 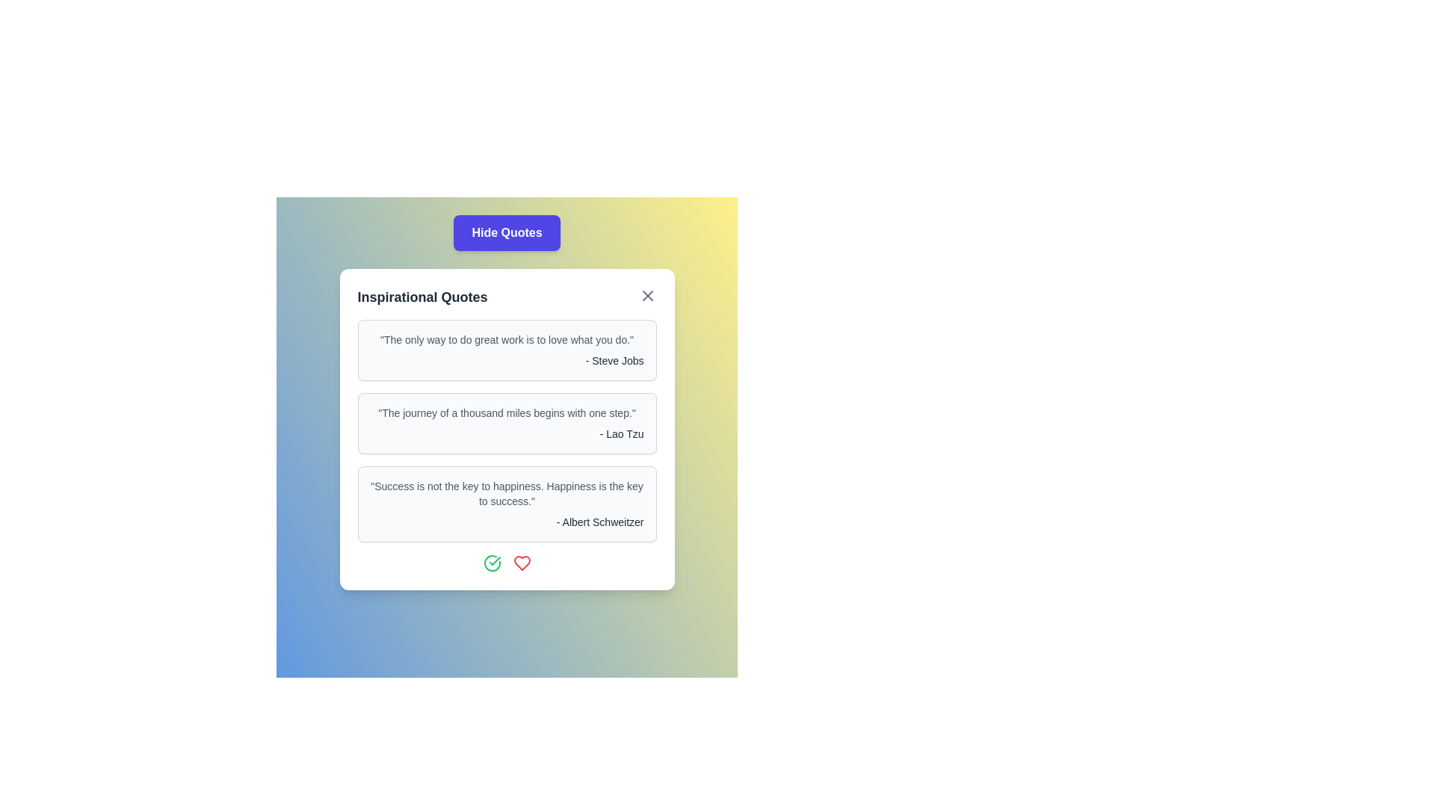 What do you see at coordinates (507, 233) in the screenshot?
I see `the indigo 'Hide Quotes' button with rounded corners to hide the quotes section` at bounding box center [507, 233].